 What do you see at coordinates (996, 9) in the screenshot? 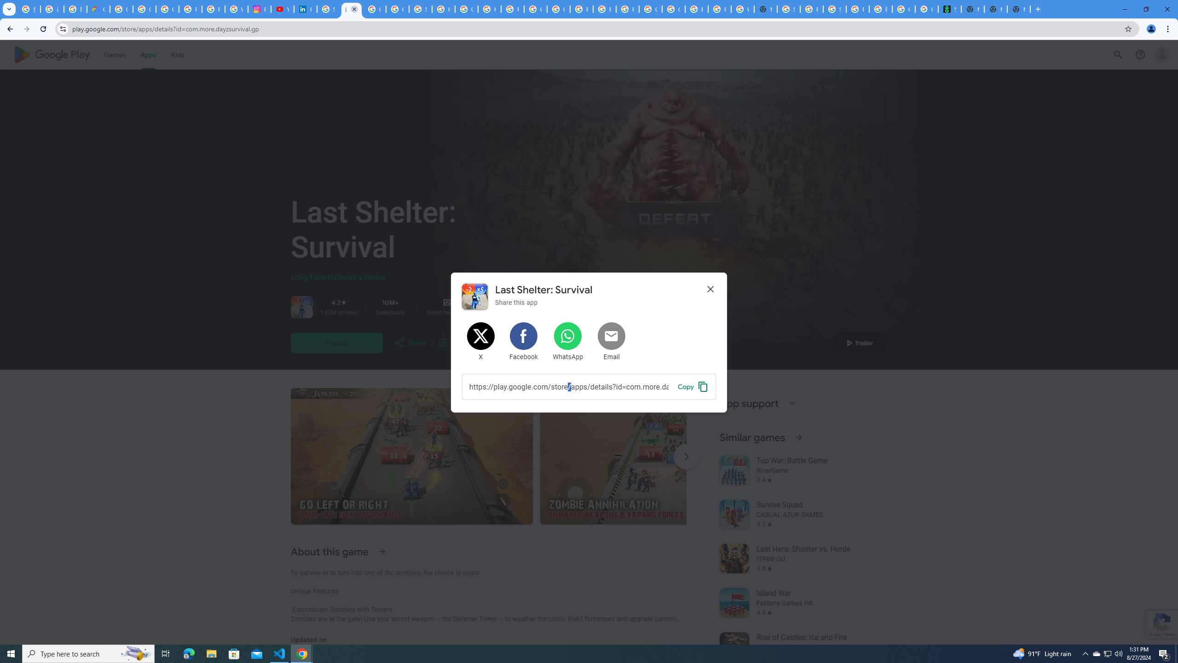
I see `'New Tab'` at bounding box center [996, 9].